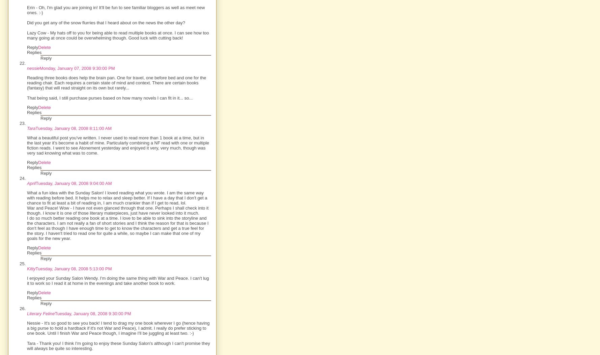  I want to click on 'Tuesday, January 08, 2008 9:04:00 AM', so click(73, 183).